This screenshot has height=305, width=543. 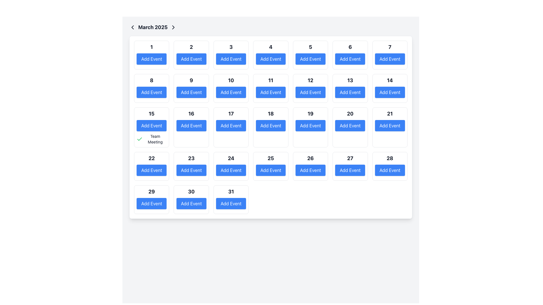 I want to click on the text label indicating the 27th day within the calendar interface, located at the bottom-right corner of the grid layout, above the 'Add Event' button, so click(x=350, y=158).